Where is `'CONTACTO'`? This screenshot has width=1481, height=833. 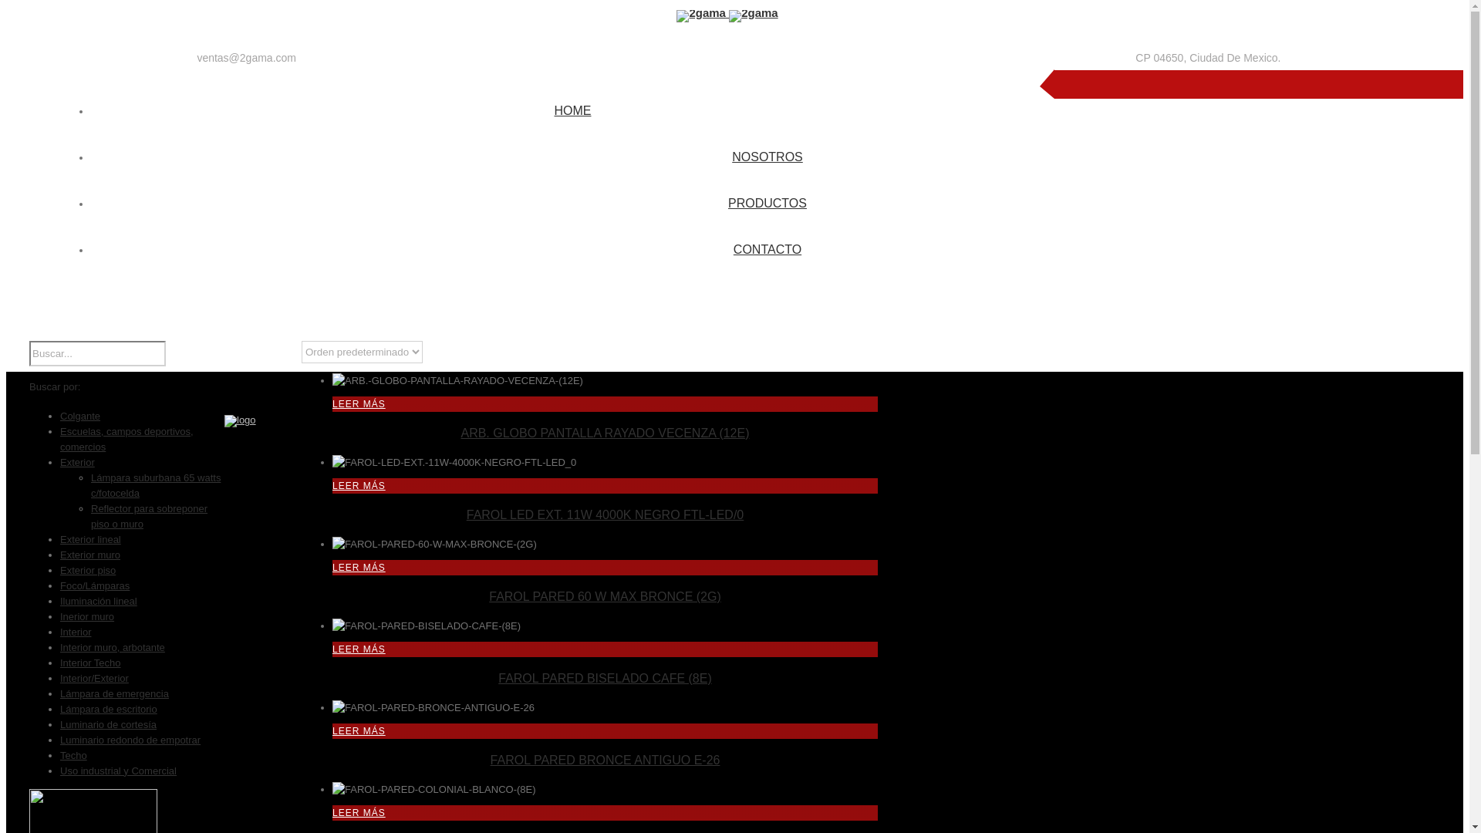 'CONTACTO' is located at coordinates (732, 247).